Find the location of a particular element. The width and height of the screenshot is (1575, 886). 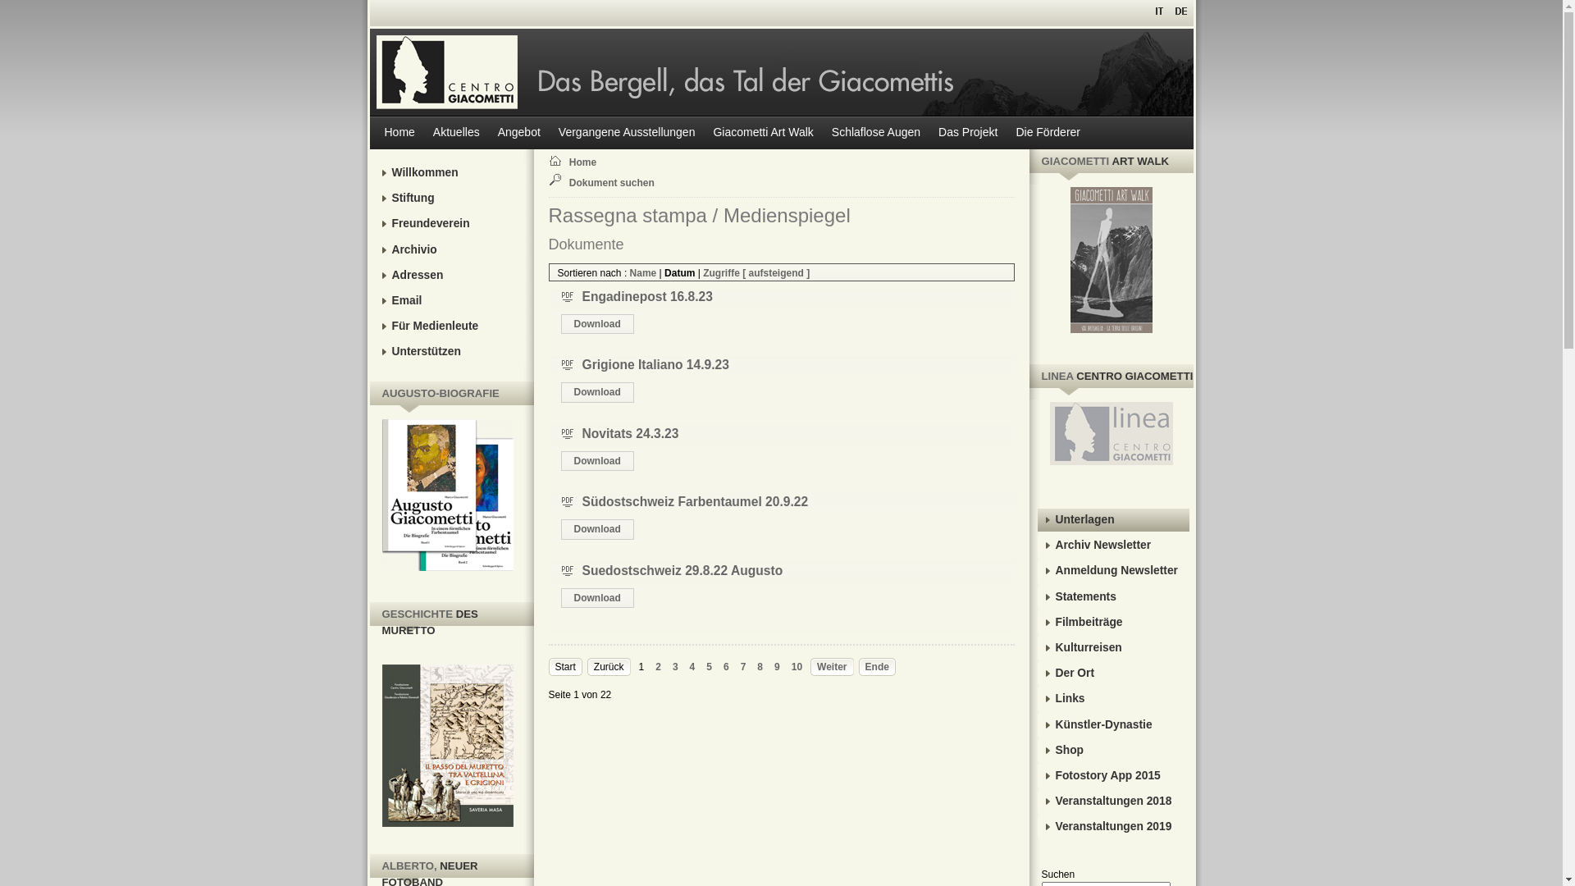

'Archiv Newsletter' is located at coordinates (1112, 545).